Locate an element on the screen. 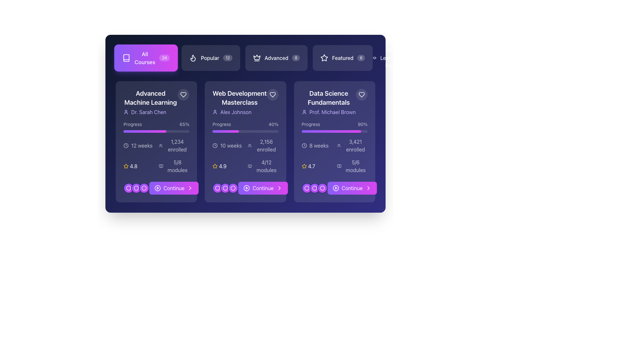  the circular icon that visually represents a clock or timer, located in the leftmost card under the 'Advanced Machine Learning' category, next to the text '12 weeks' is located at coordinates (126, 145).